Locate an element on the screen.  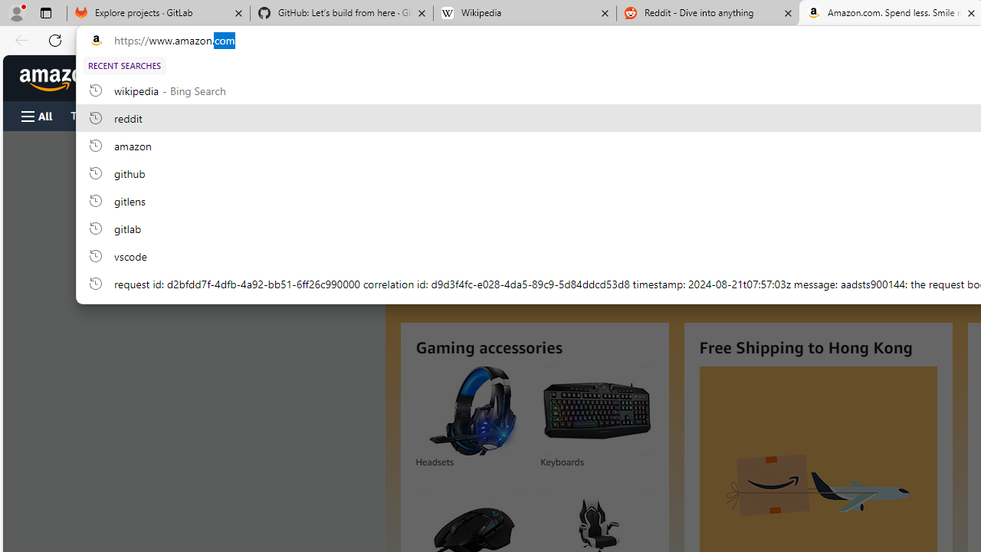
'Refresh' is located at coordinates (55, 39).